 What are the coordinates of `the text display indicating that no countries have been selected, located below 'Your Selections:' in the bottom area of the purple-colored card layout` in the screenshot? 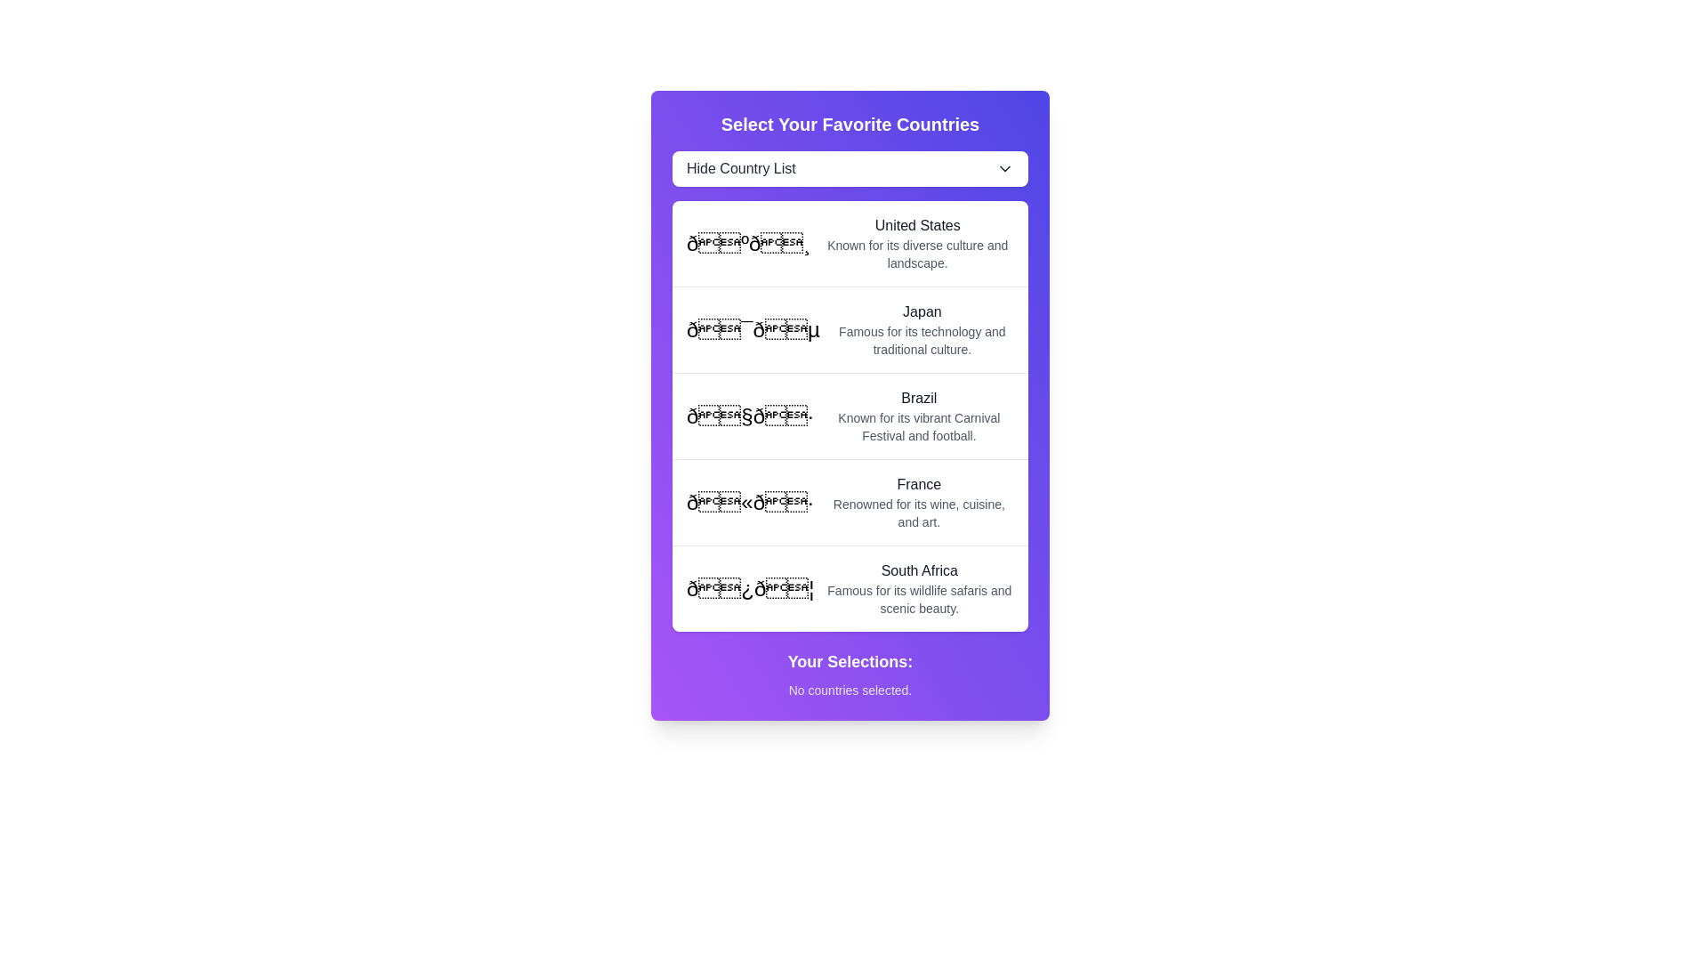 It's located at (849, 689).